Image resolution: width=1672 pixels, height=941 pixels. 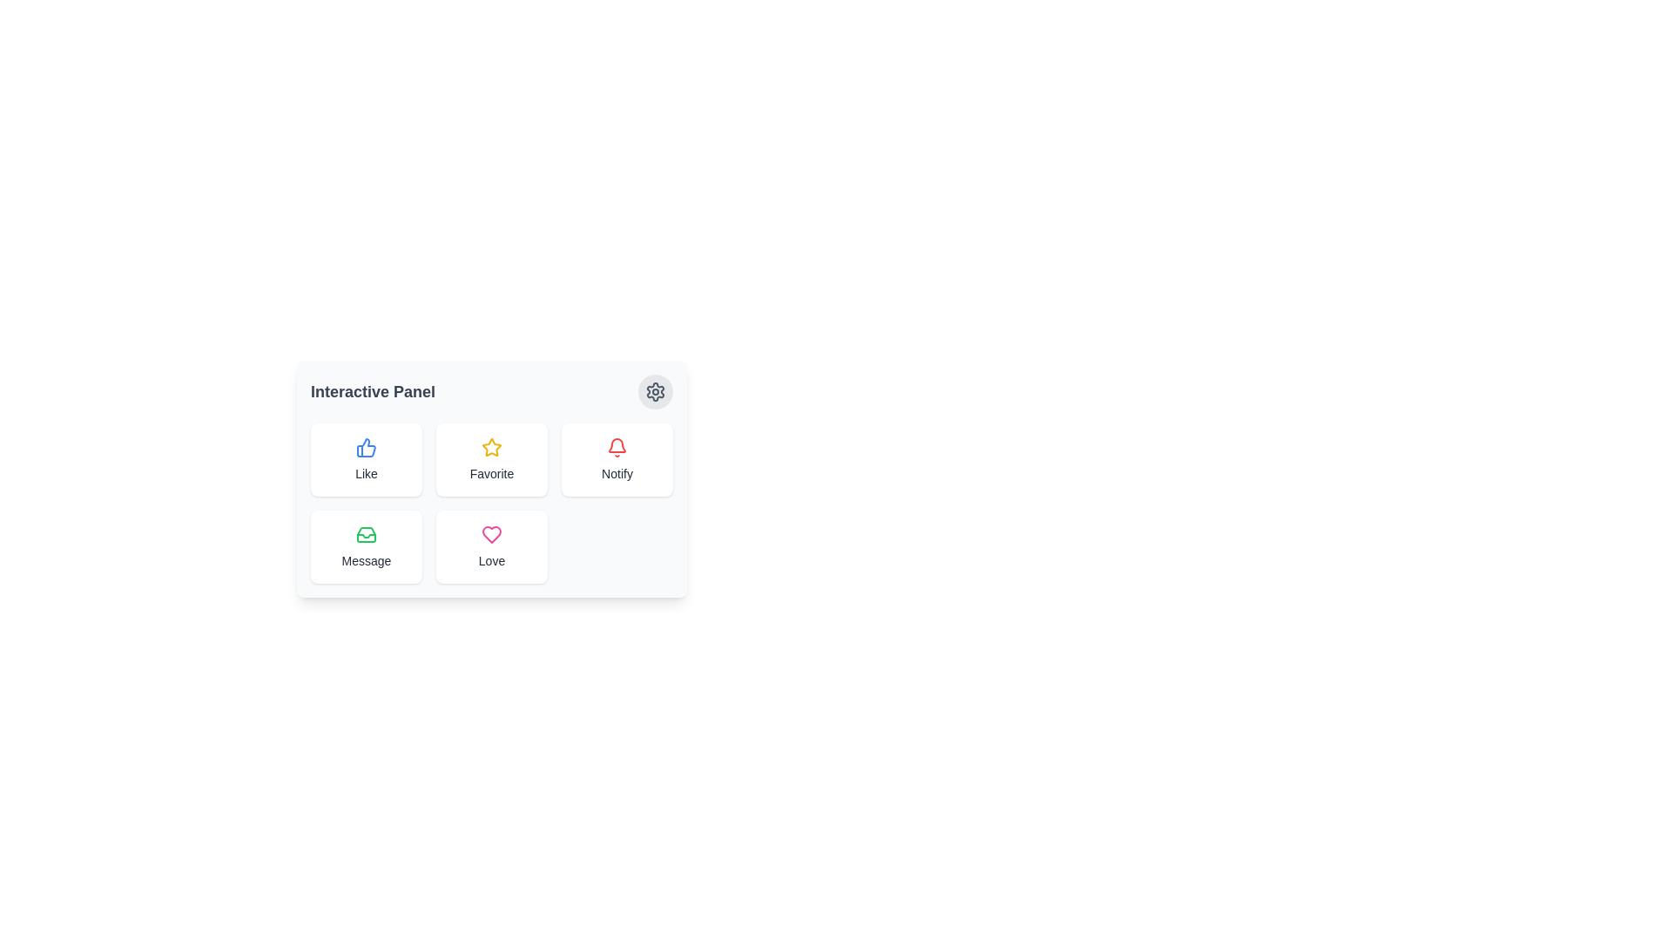 What do you see at coordinates (617, 459) in the screenshot?
I see `the 'Notify' button, which is a rounded white card with a red bell icon above the text, located` at bounding box center [617, 459].